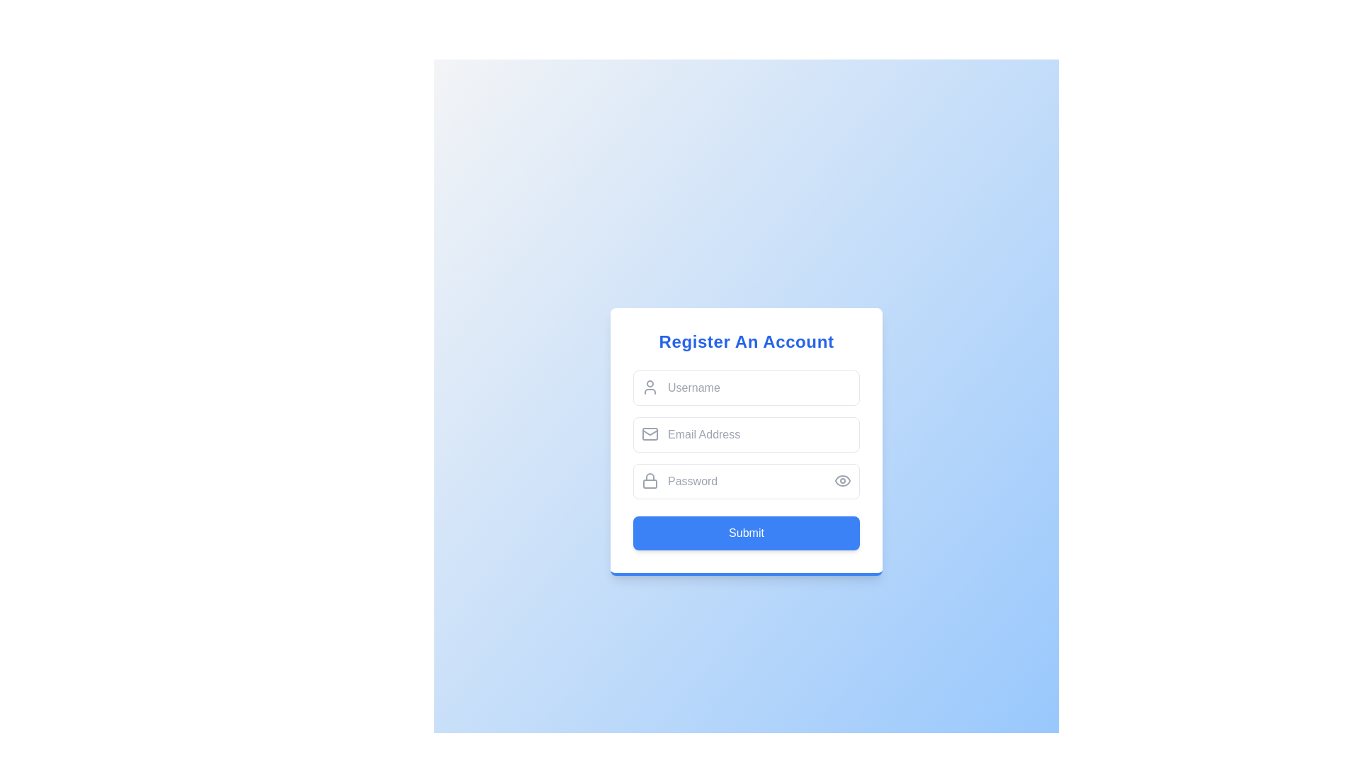  What do you see at coordinates (843, 480) in the screenshot?
I see `the toggle button at the top right corner of the password input field` at bounding box center [843, 480].